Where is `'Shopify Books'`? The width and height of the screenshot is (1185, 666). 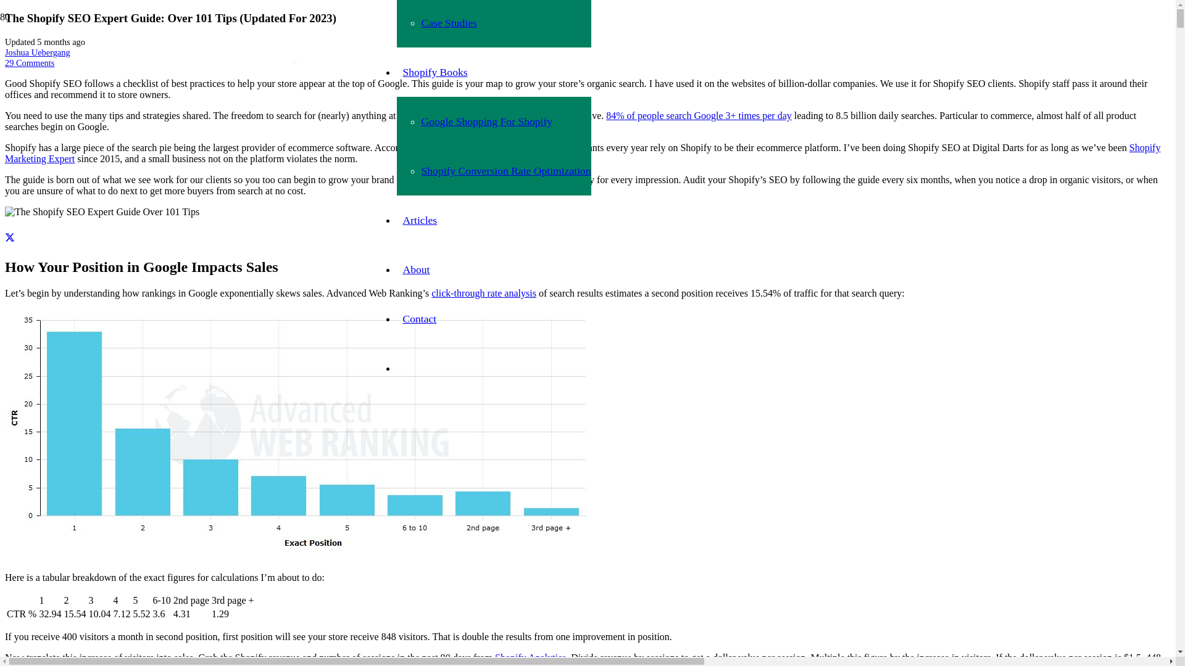 'Shopify Books' is located at coordinates (434, 72).